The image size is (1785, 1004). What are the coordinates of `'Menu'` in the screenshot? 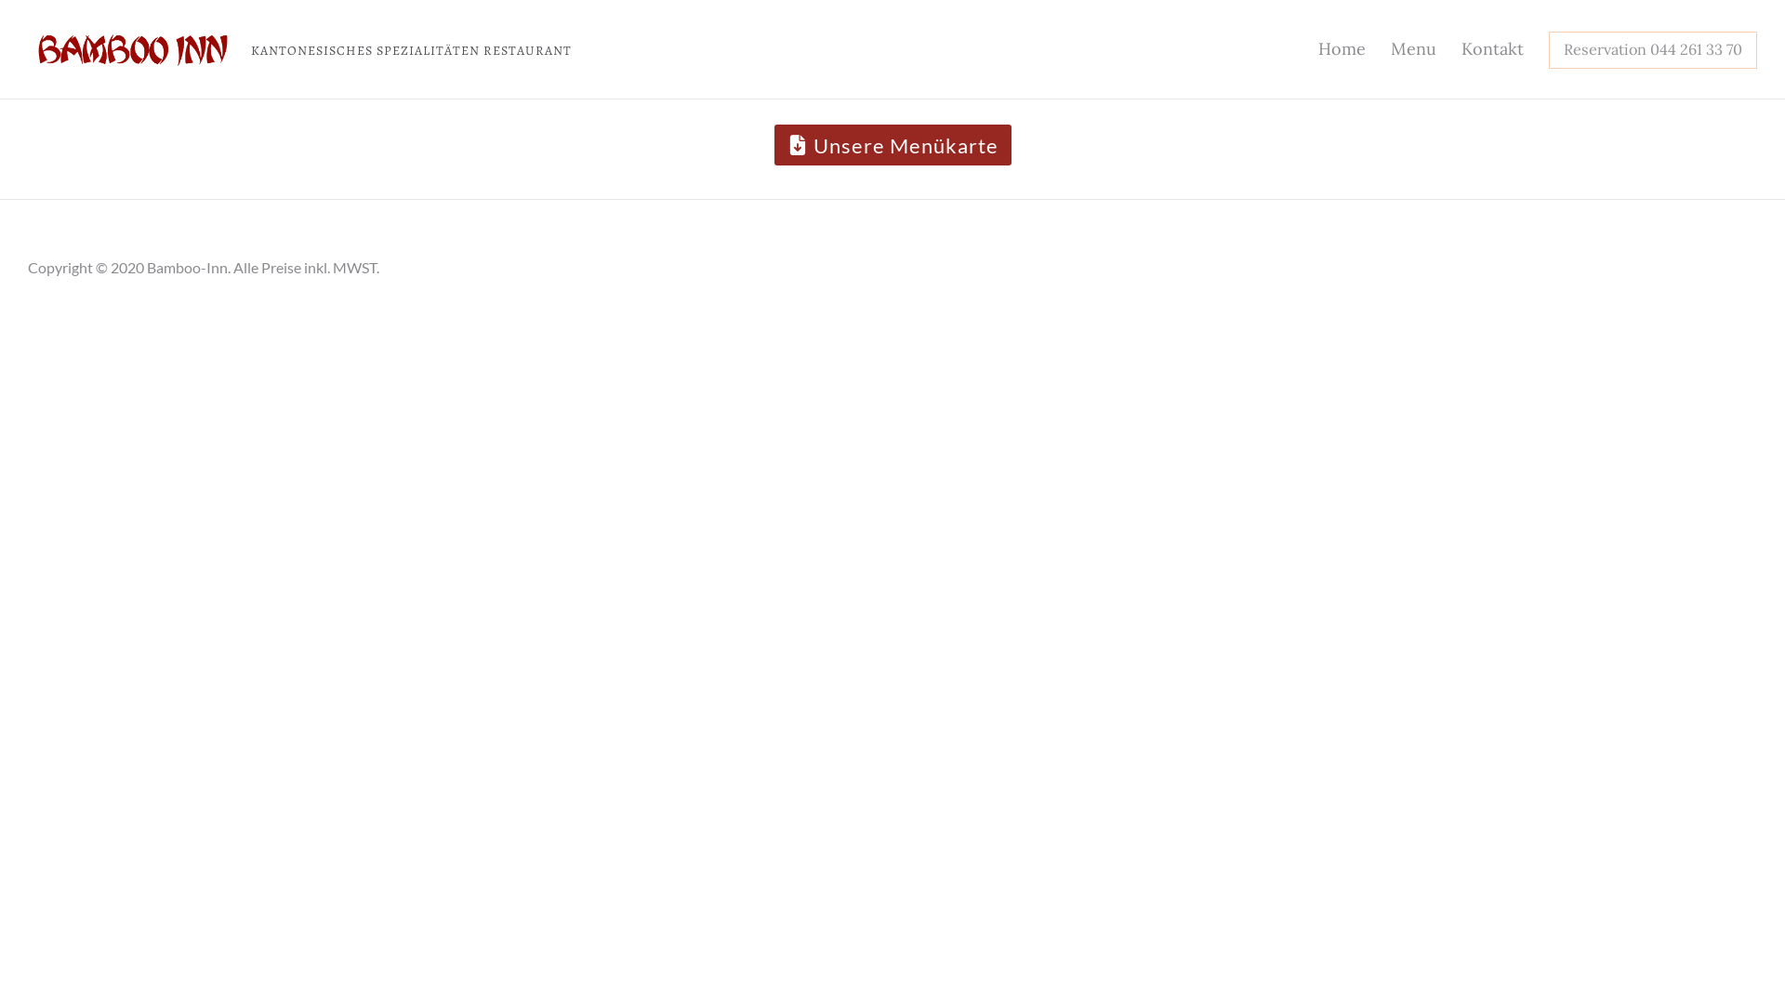 It's located at (1379, 48).